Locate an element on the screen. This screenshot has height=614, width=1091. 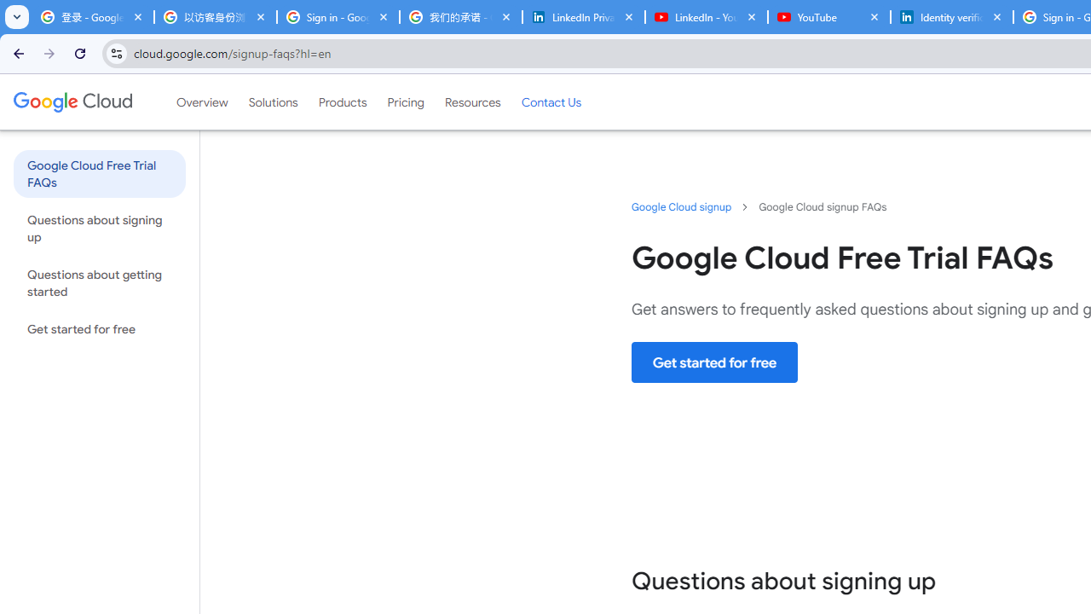
'Get started for free' is located at coordinates (715, 362).